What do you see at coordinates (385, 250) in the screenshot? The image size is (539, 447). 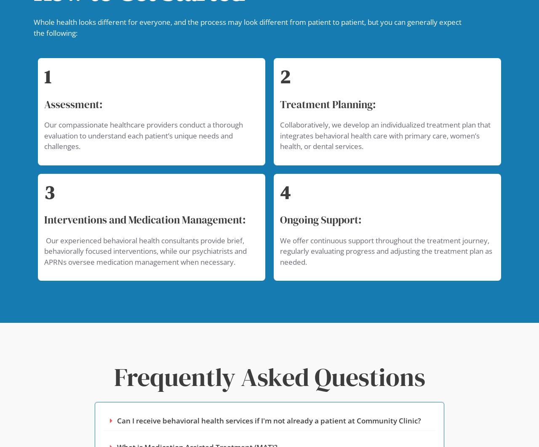 I see `'We offer continuous support throughout the treatment journey, regularly evaluating progress and adjusting the treatment plan as needed.'` at bounding box center [385, 250].